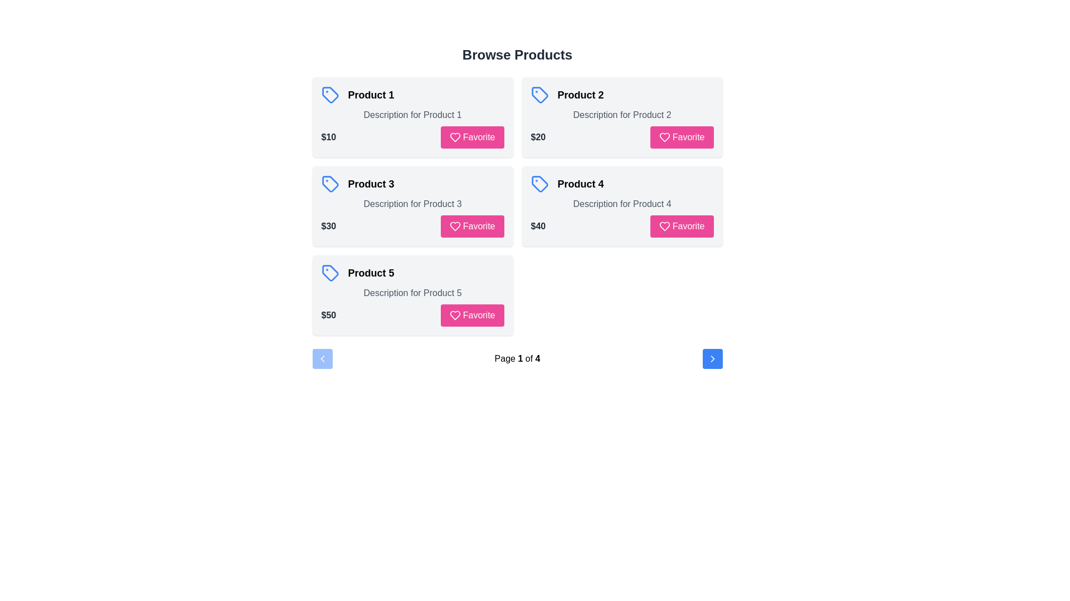 The width and height of the screenshot is (1070, 601). I want to click on the heart icon located within the 'Favorite' button next to the 'Favorite' text, so click(664, 226).